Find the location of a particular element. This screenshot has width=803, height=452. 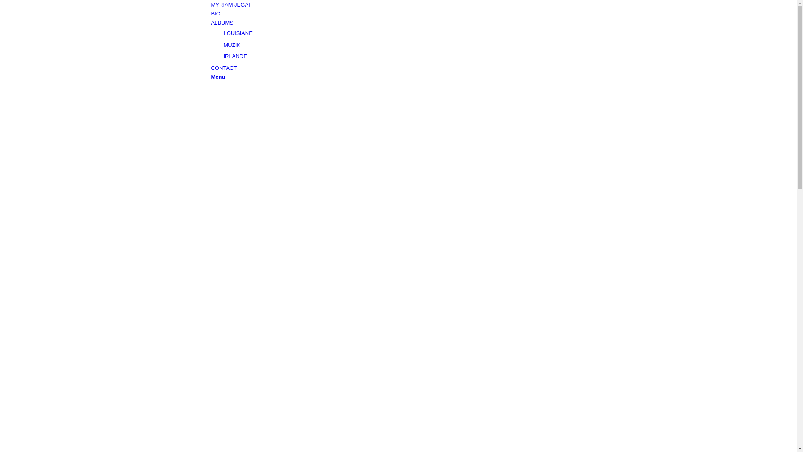

'BIO' is located at coordinates (215, 13).